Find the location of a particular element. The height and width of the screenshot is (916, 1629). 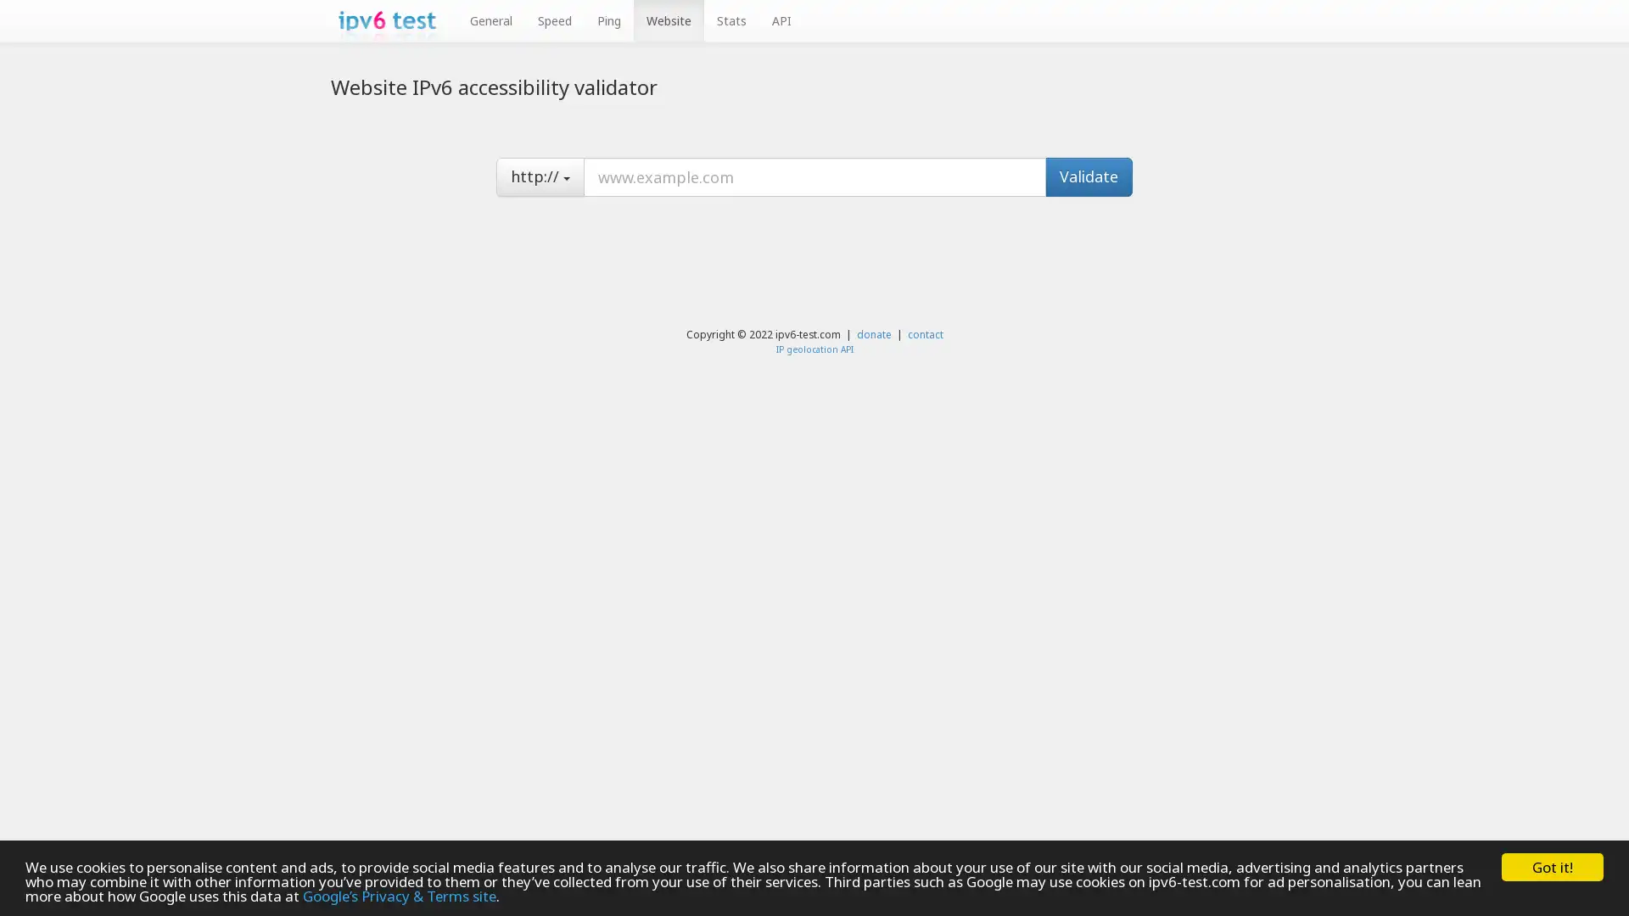

Validate is located at coordinates (1089, 176).